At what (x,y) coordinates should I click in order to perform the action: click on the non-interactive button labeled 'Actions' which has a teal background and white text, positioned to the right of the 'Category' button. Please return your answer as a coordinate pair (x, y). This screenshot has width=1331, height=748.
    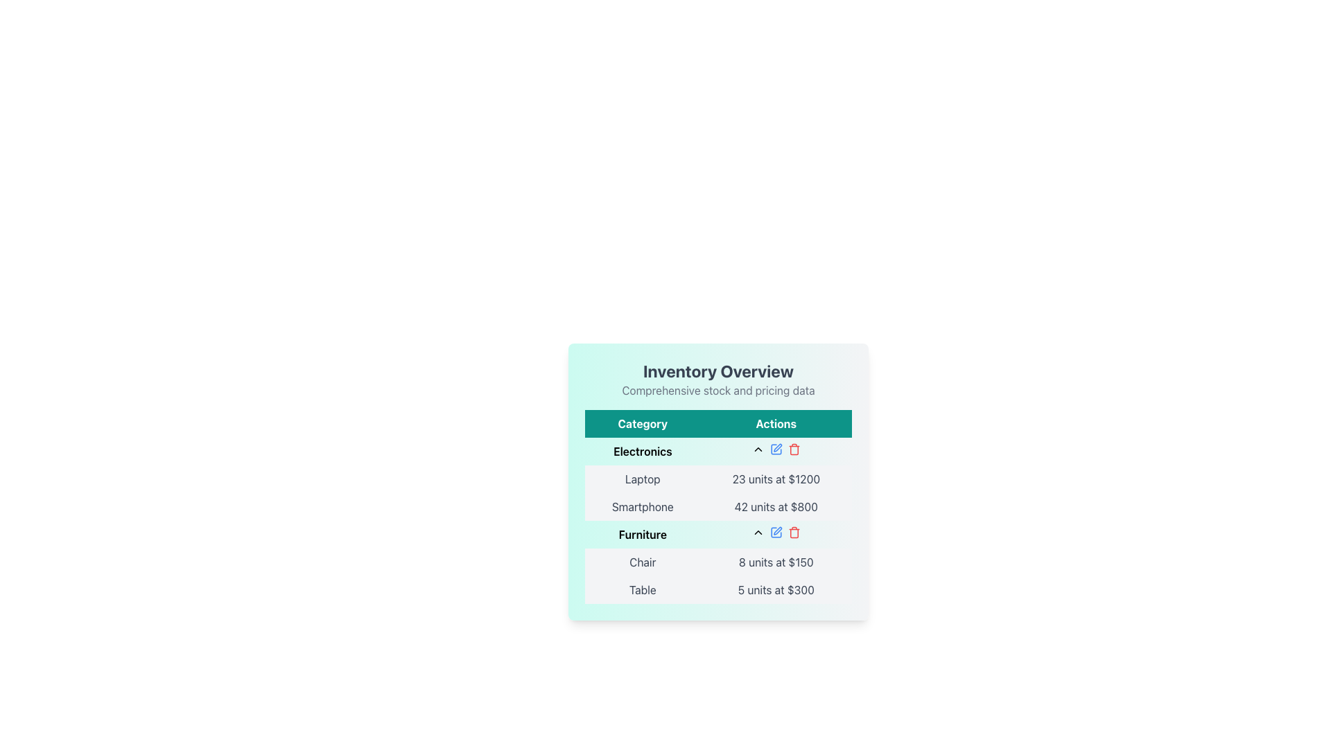
    Looking at the image, I should click on (775, 423).